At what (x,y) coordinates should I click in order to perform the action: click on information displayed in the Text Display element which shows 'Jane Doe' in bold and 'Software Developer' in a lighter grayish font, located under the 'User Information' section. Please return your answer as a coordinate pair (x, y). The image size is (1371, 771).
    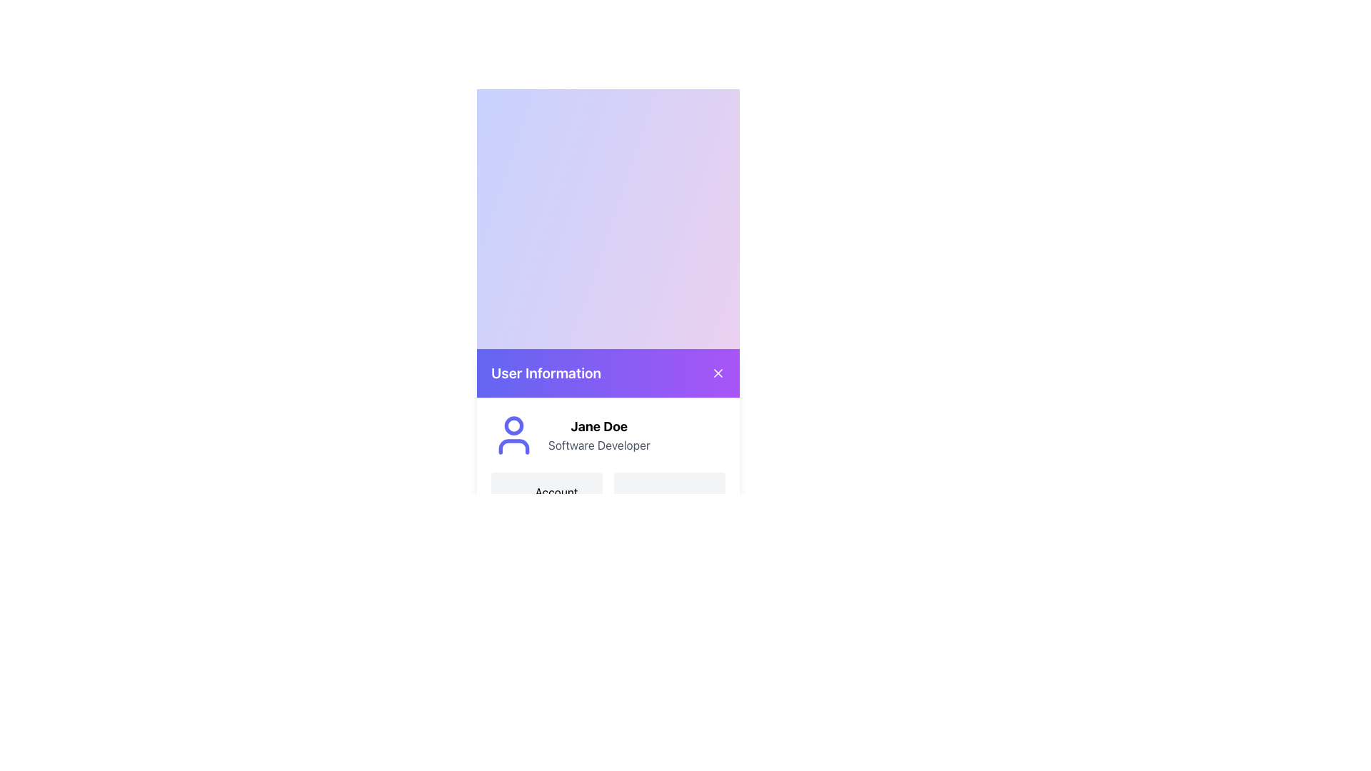
    Looking at the image, I should click on (599, 434).